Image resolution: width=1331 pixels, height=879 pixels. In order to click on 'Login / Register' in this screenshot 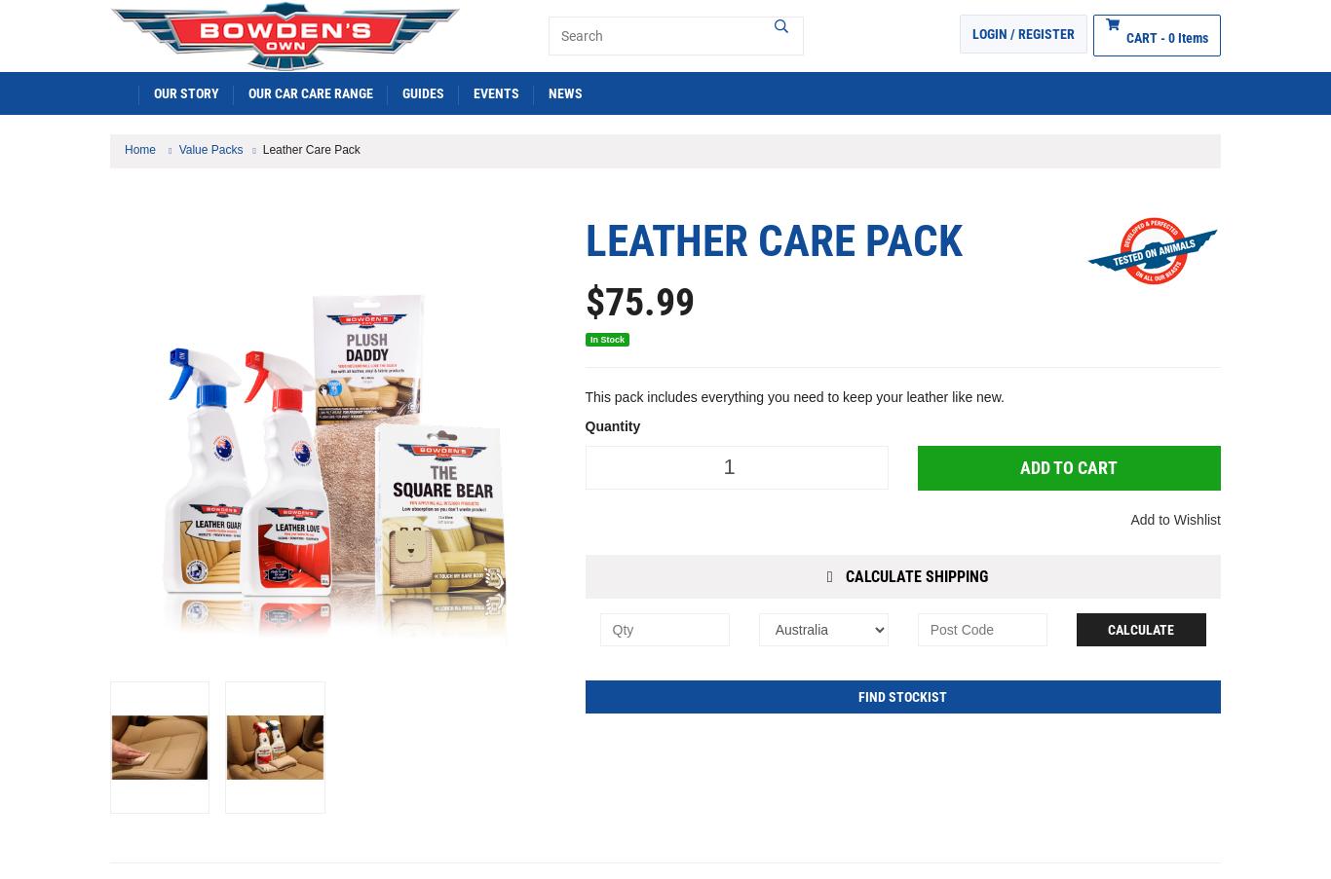, I will do `click(1022, 33)`.